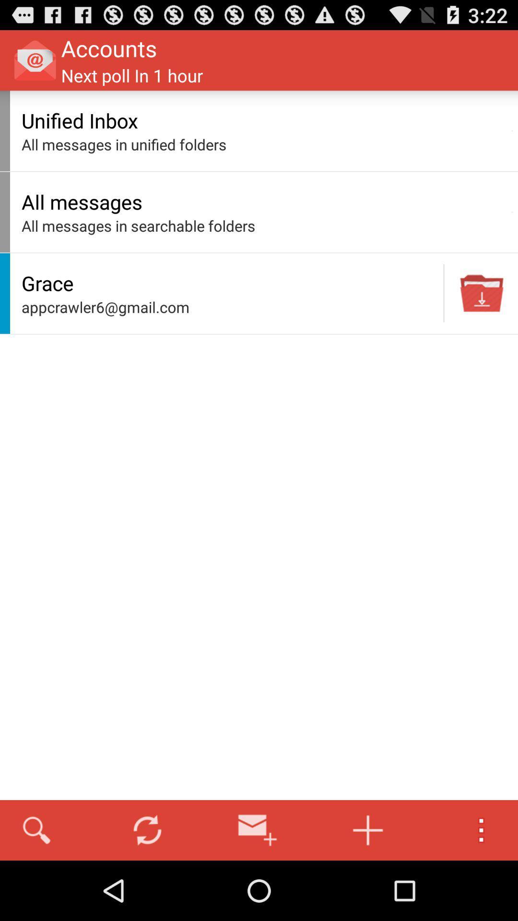  Describe the element at coordinates (264, 120) in the screenshot. I see `unified inbox item` at that location.